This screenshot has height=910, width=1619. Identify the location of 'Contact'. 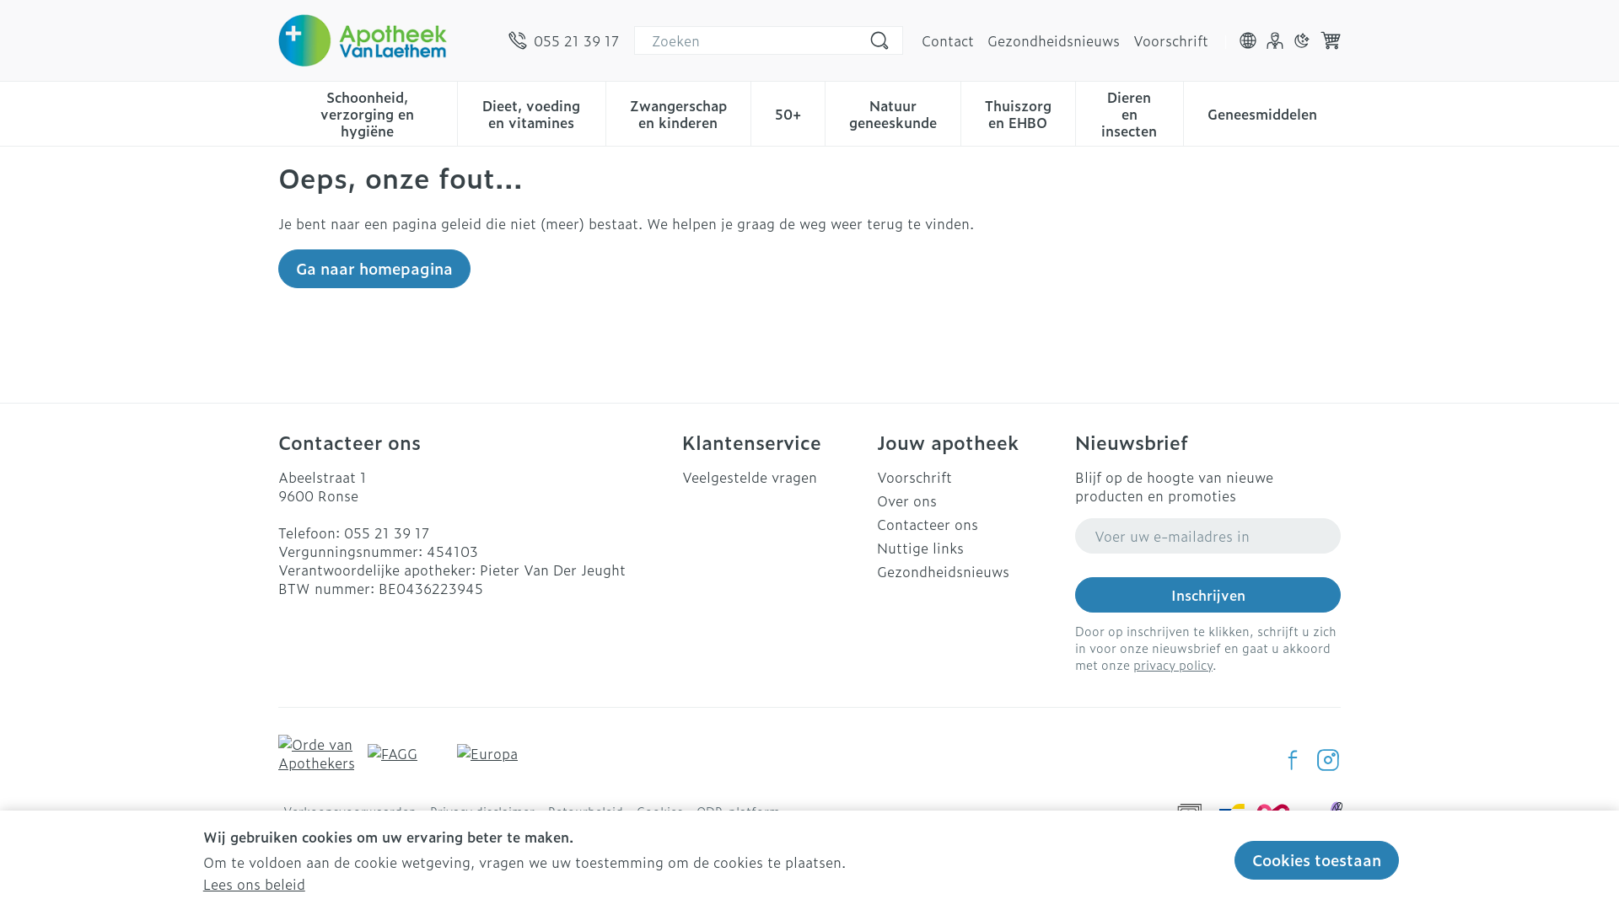
(947, 39).